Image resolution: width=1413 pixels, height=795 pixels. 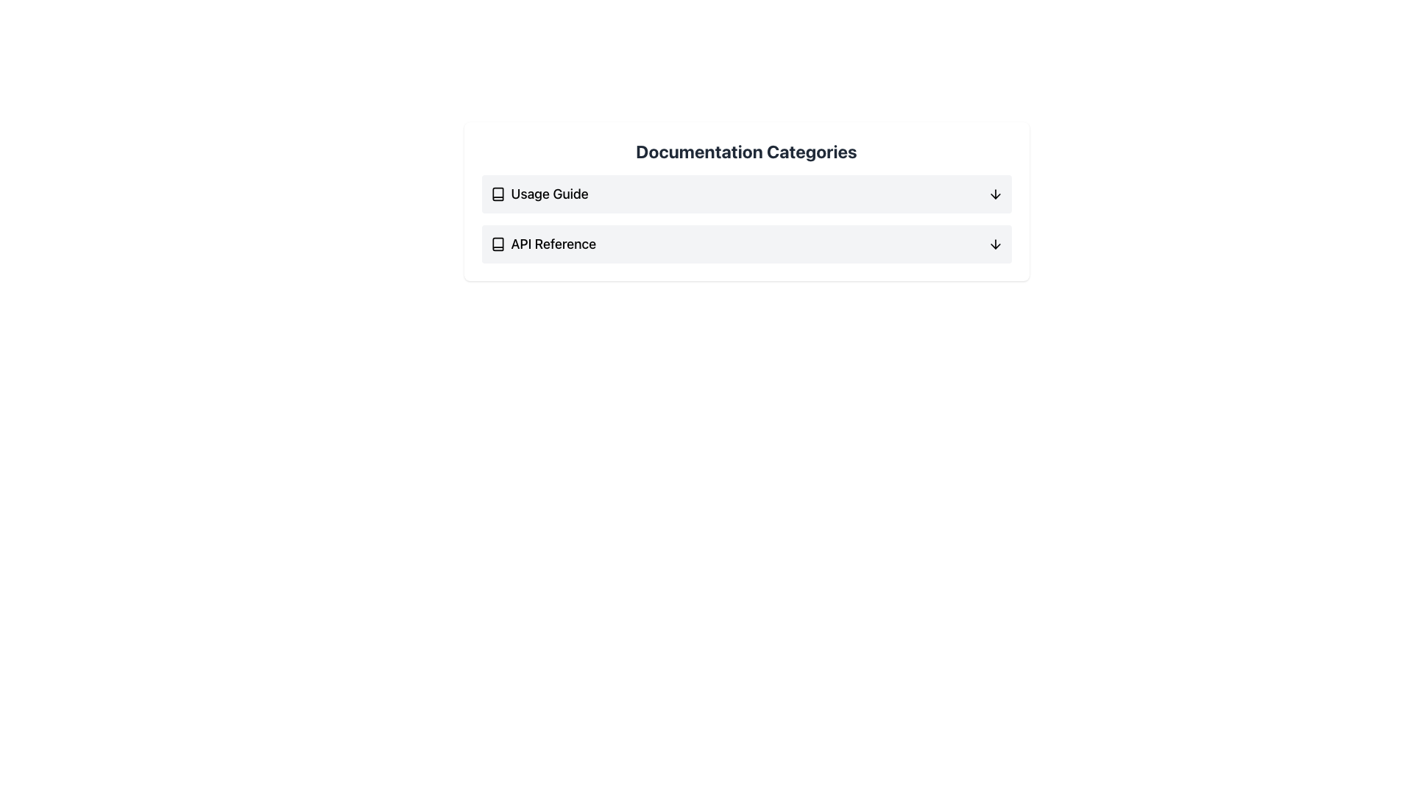 I want to click on the first item in the 'Documentation Categories' section, so click(x=746, y=193).